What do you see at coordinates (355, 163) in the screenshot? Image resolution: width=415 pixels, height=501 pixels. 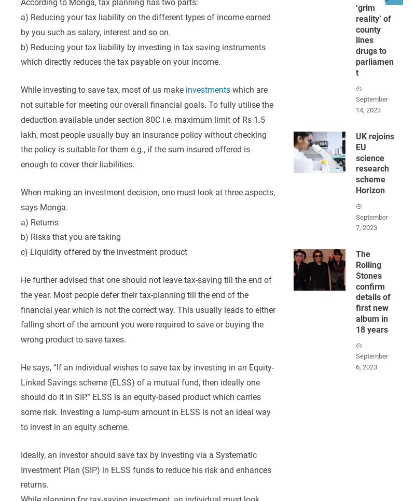 I see `'UK rejoins EU science research scheme Horizon'` at bounding box center [355, 163].